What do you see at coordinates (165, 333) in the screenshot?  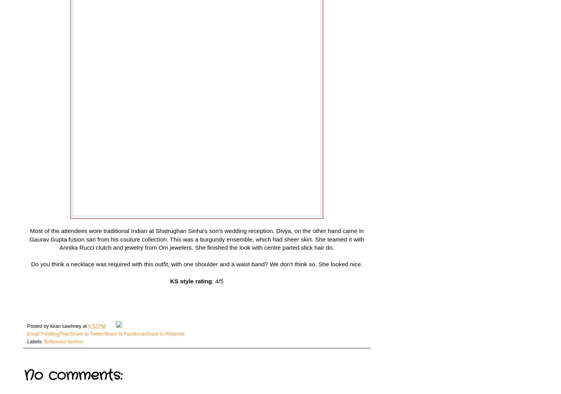 I see `'Share to Pinterest'` at bounding box center [165, 333].